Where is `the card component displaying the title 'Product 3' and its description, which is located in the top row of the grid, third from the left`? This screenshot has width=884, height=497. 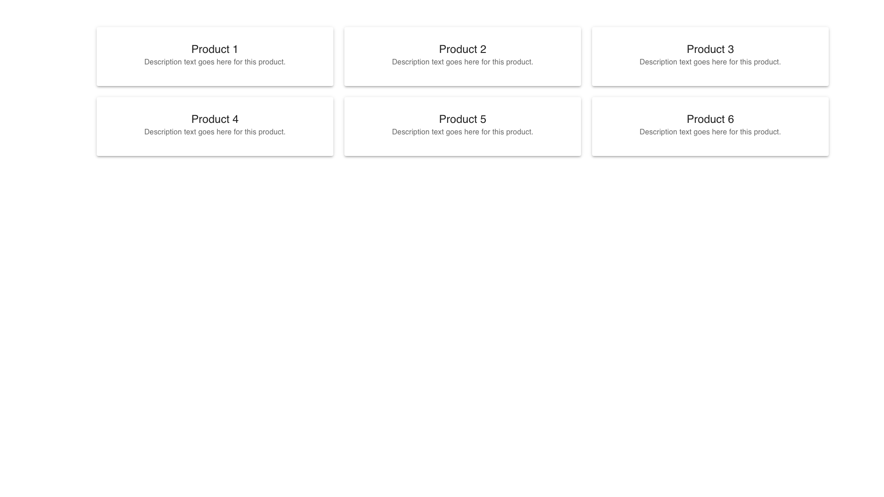
the card component displaying the title 'Product 3' and its description, which is located in the top row of the grid, third from the left is located at coordinates (710, 57).